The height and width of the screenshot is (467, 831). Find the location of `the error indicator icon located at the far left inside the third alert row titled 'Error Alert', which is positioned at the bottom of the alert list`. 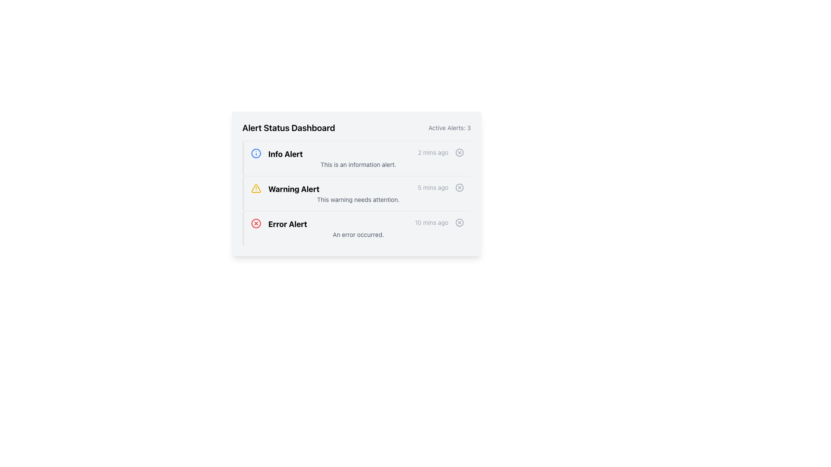

the error indicator icon located at the far left inside the third alert row titled 'Error Alert', which is positioned at the bottom of the alert list is located at coordinates (255, 223).